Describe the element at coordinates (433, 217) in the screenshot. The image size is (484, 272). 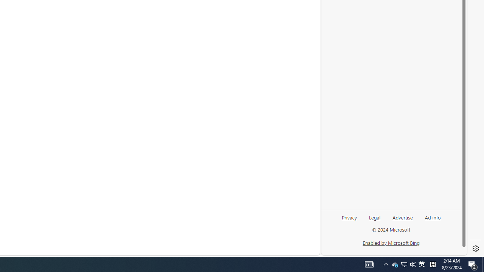
I see `'Ad info'` at that location.